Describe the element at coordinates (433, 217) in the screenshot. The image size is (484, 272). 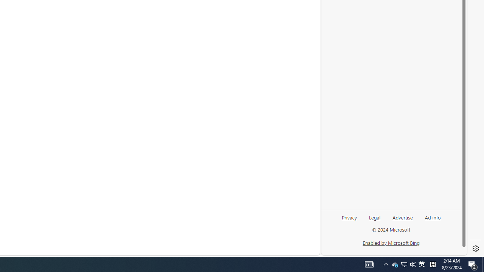
I see `'Ad info'` at that location.